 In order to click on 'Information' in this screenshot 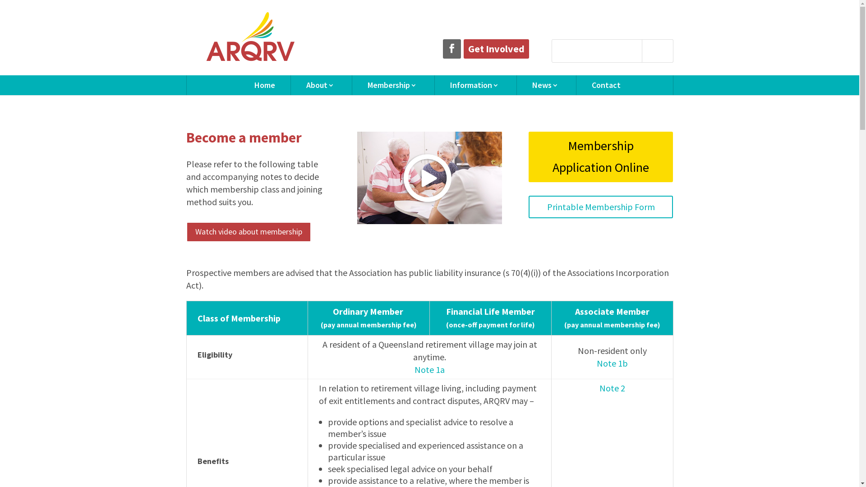, I will do `click(475, 85)`.